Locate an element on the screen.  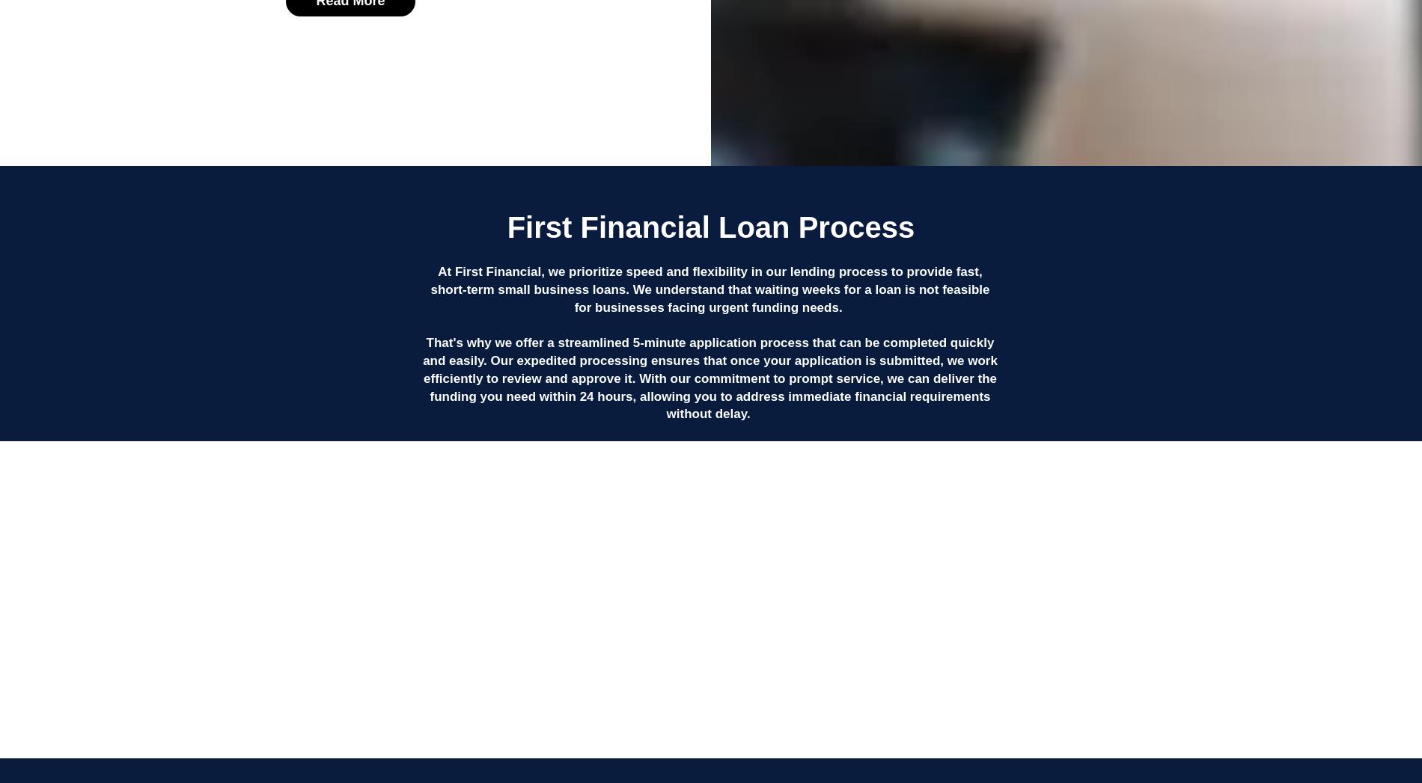
'4' is located at coordinates (1035, 583).